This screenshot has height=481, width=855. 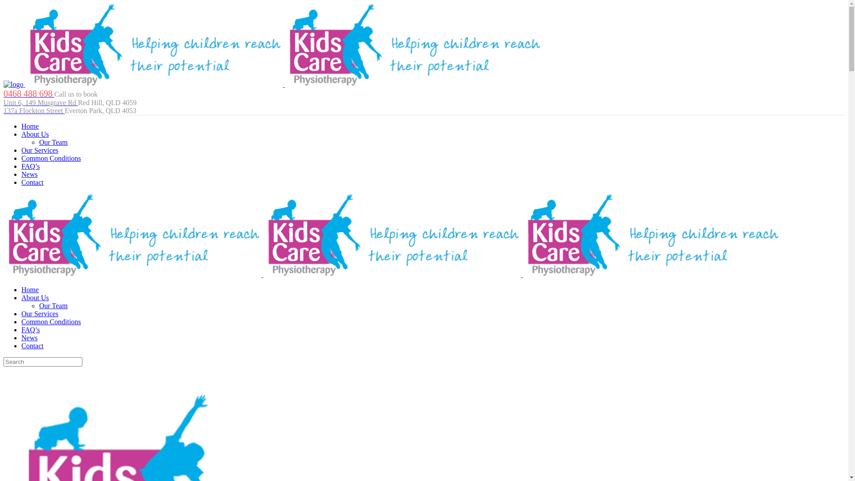 What do you see at coordinates (30, 289) in the screenshot?
I see `'Home'` at bounding box center [30, 289].